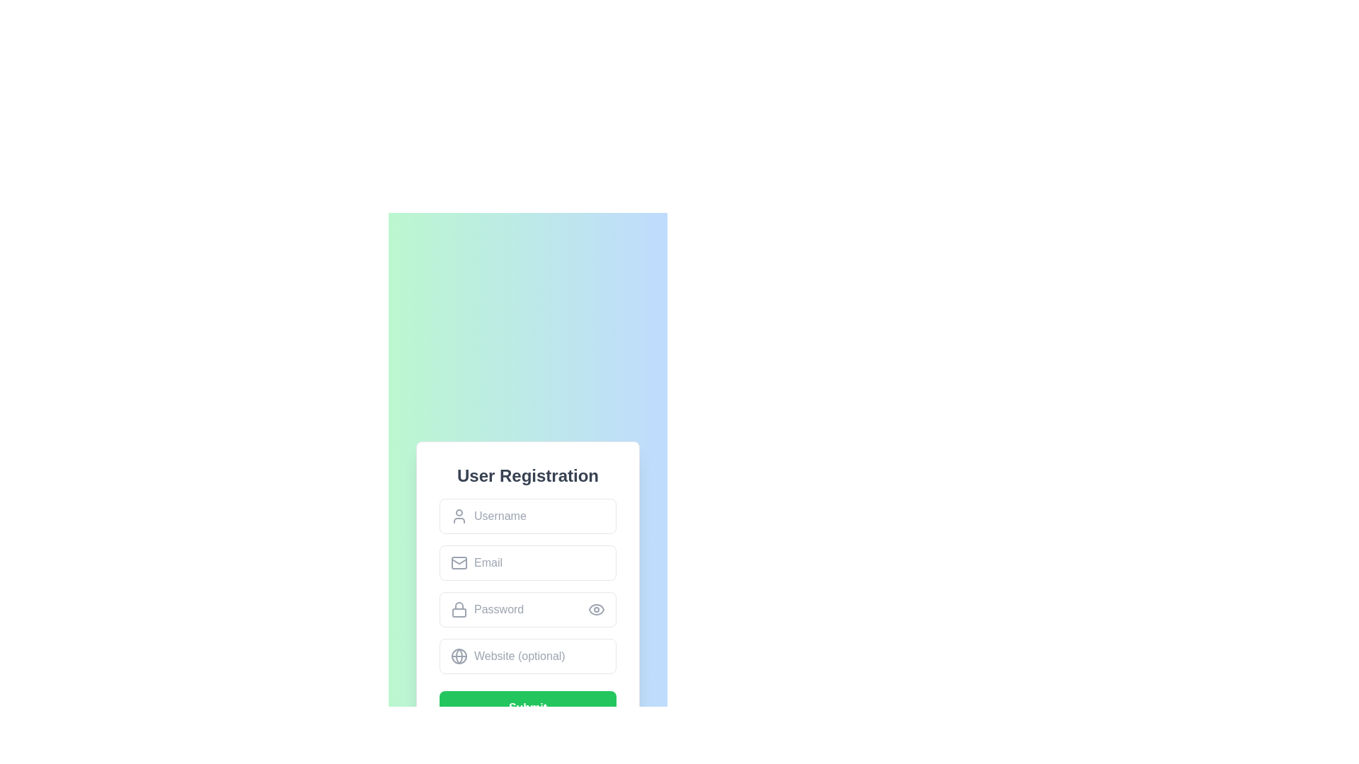  Describe the element at coordinates (459, 560) in the screenshot. I see `the adjacent email input field associated with the envelope icon by clicking on it` at that location.